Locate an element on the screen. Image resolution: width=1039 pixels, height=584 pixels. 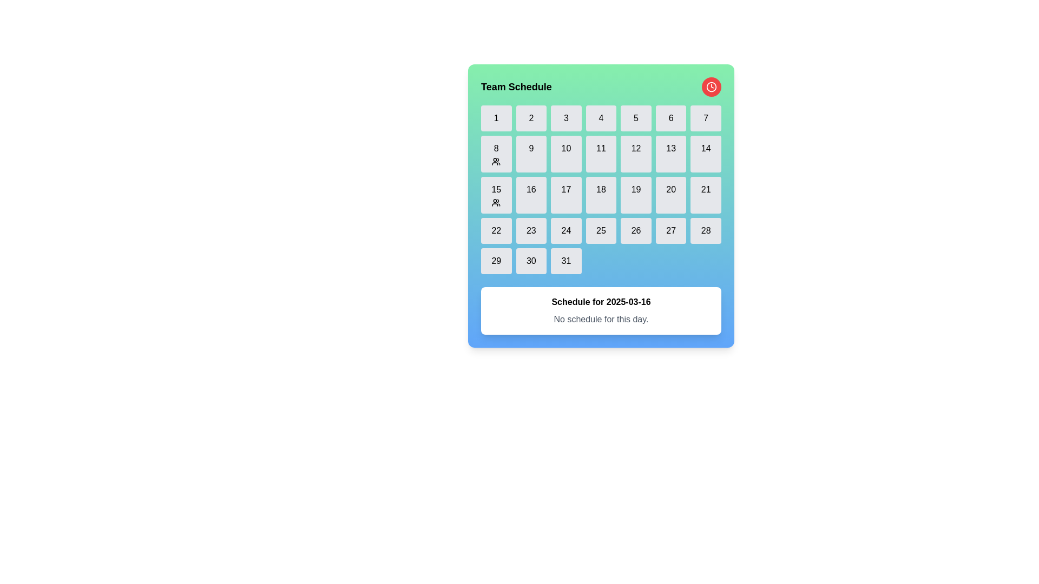
the black numeral '5' inside the square box with rounded corners is located at coordinates (636, 118).